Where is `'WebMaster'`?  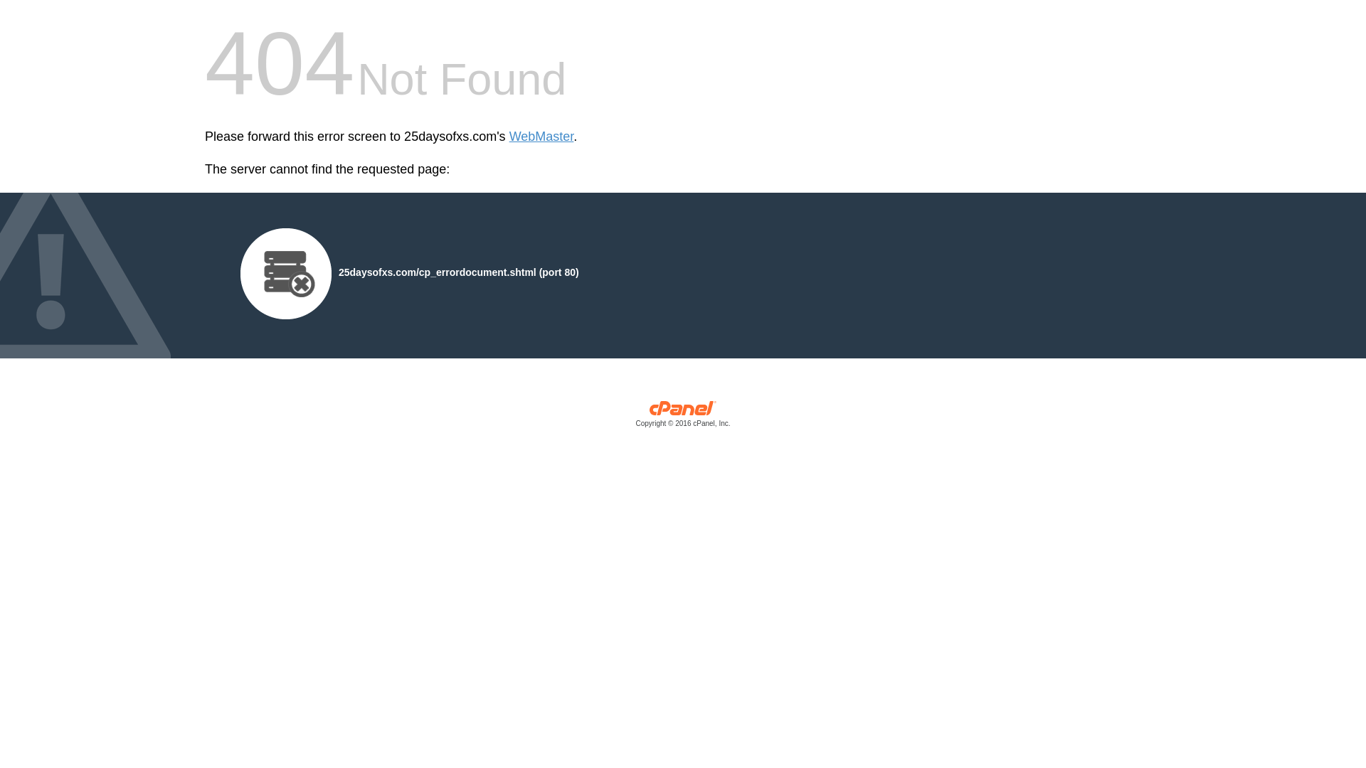 'WebMaster' is located at coordinates (541, 137).